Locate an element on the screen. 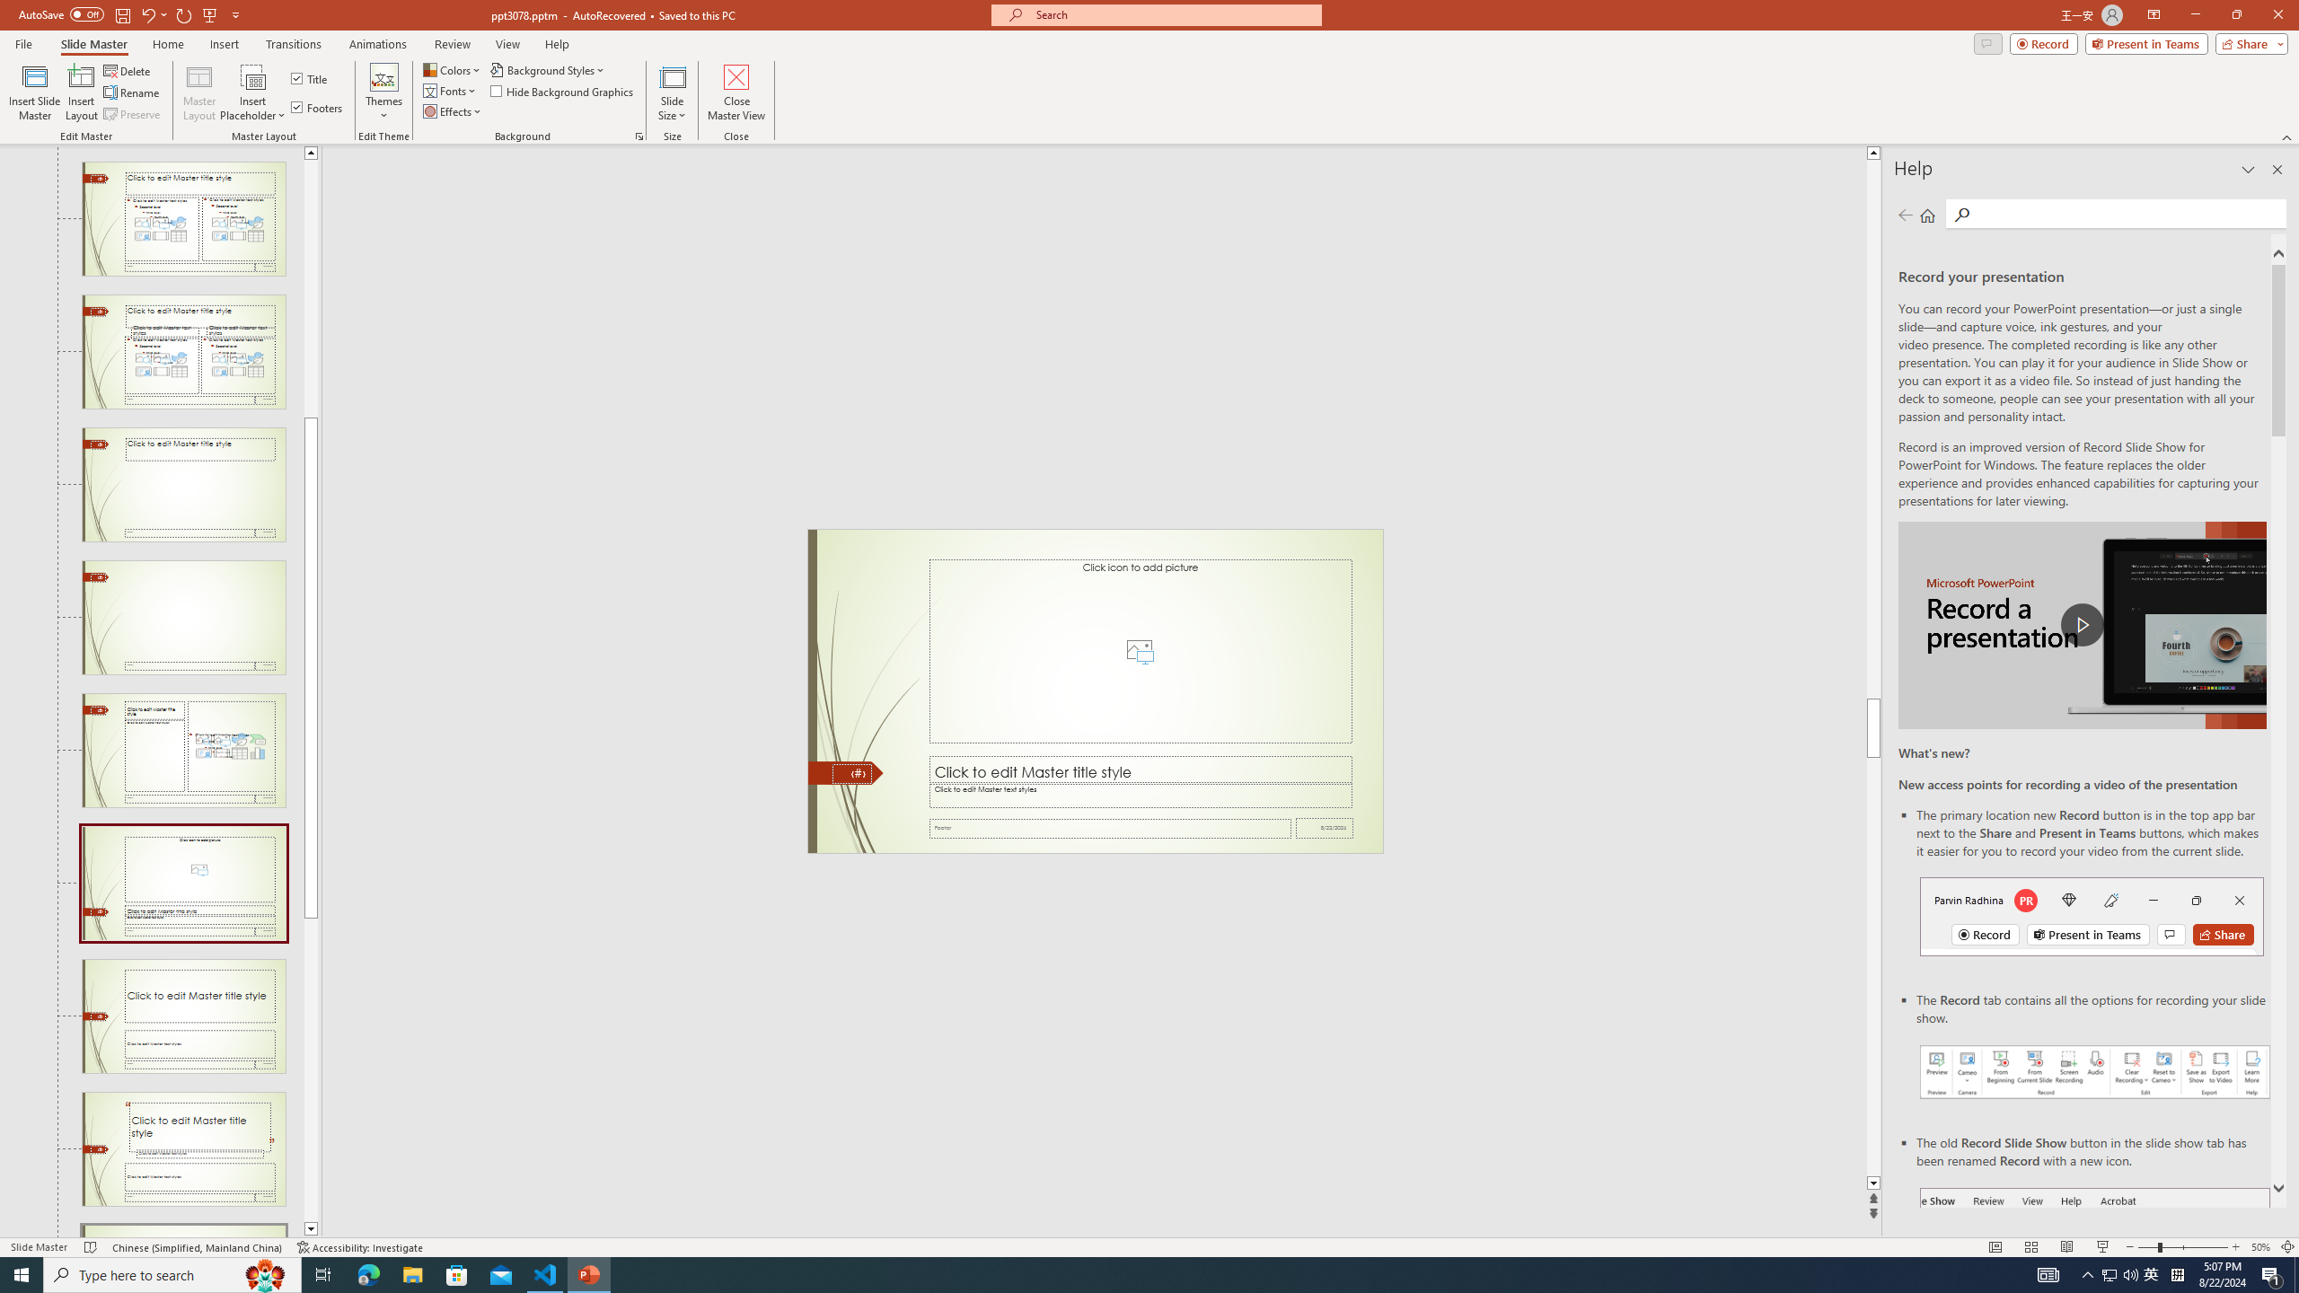 Image resolution: width=2299 pixels, height=1293 pixels. 'Footers' is located at coordinates (318, 106).